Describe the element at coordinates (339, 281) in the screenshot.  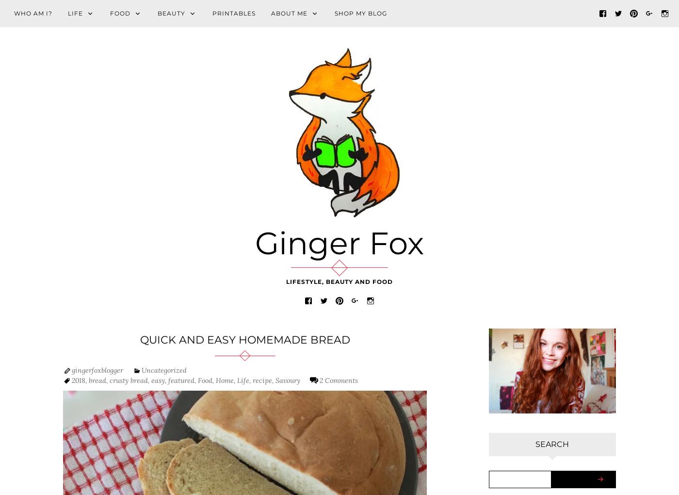
I see `'Lifestyle, Beauty and Food'` at that location.